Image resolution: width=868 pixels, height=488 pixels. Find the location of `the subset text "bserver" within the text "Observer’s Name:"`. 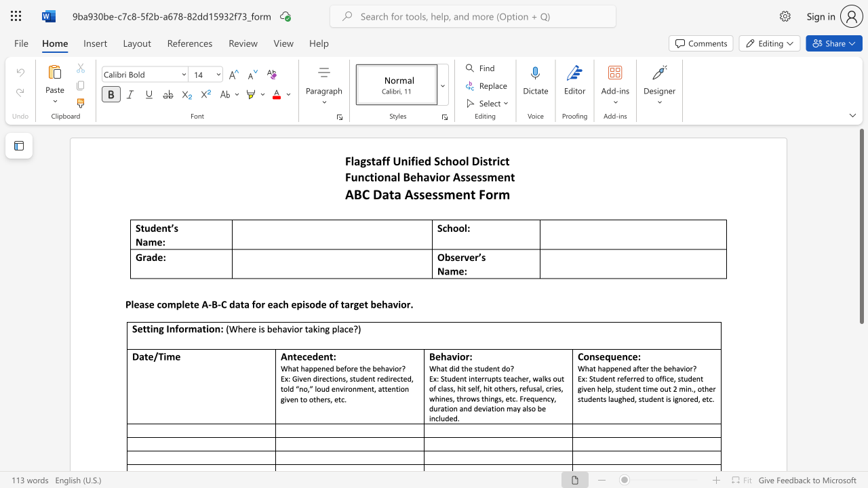

the subset text "bserver" within the text "Observer’s Name:" is located at coordinates (444, 257).